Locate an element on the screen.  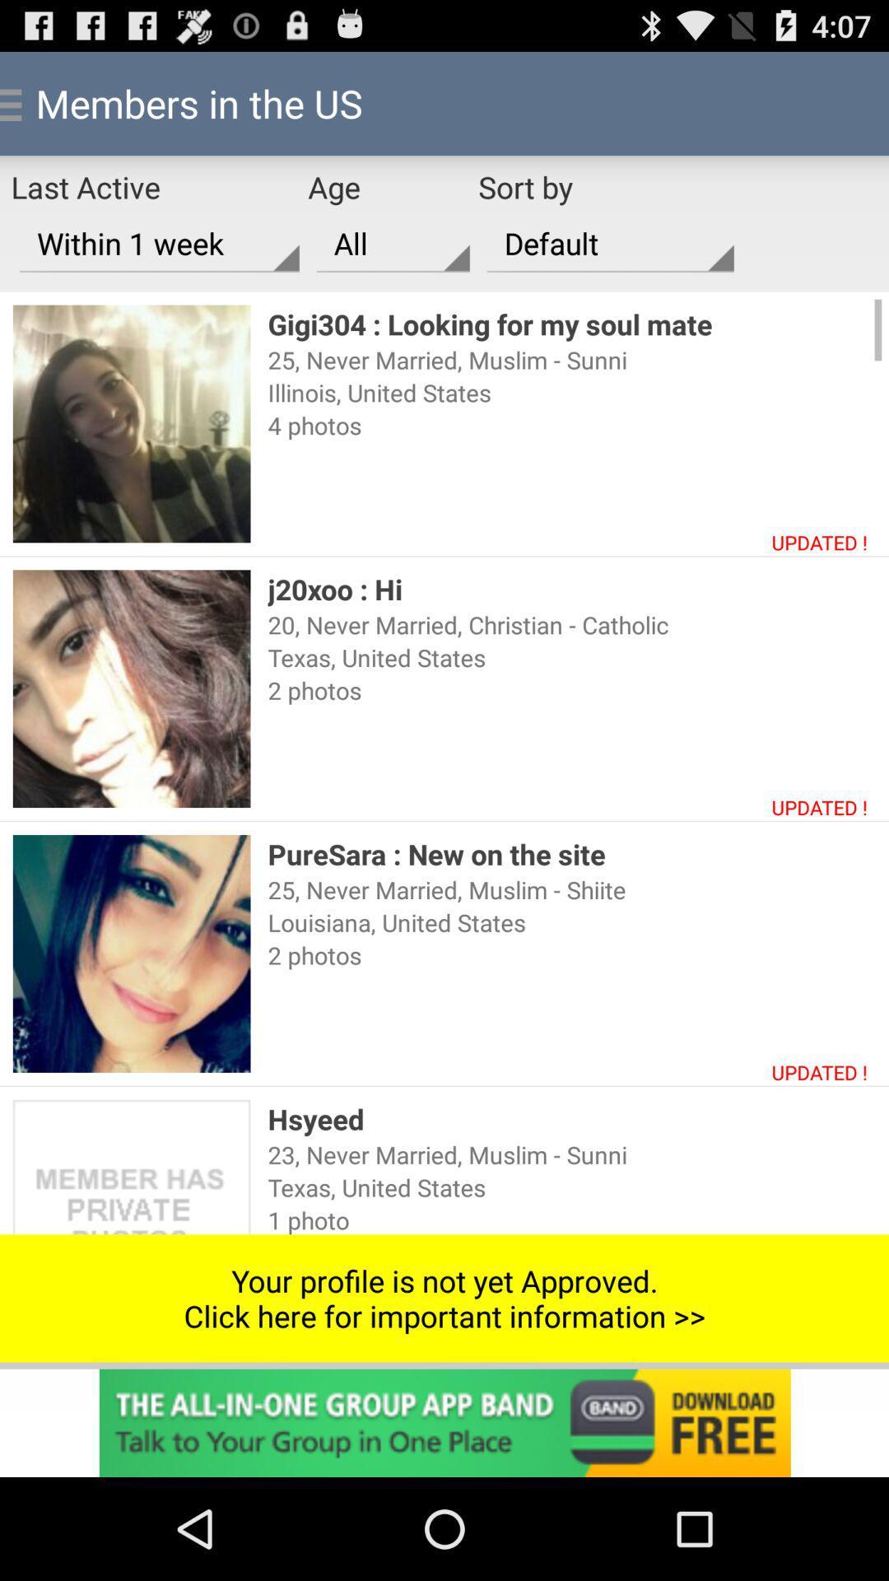
advertisement page is located at coordinates (444, 1422).